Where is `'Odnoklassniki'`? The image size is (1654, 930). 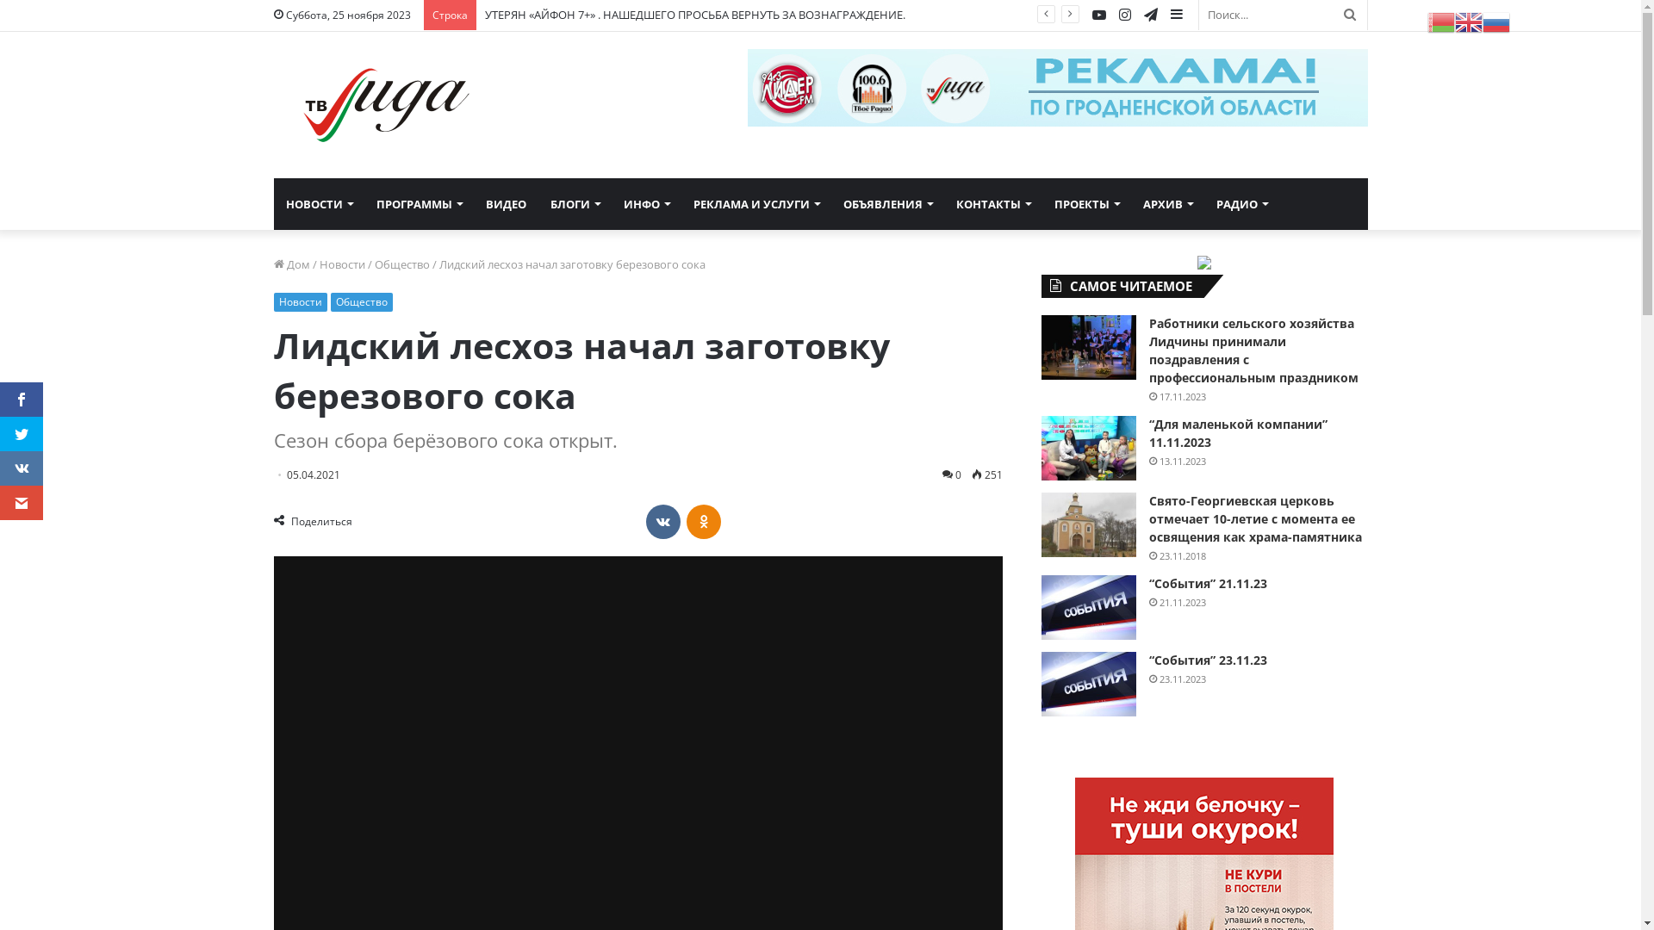 'Odnoklassniki' is located at coordinates (703, 520).